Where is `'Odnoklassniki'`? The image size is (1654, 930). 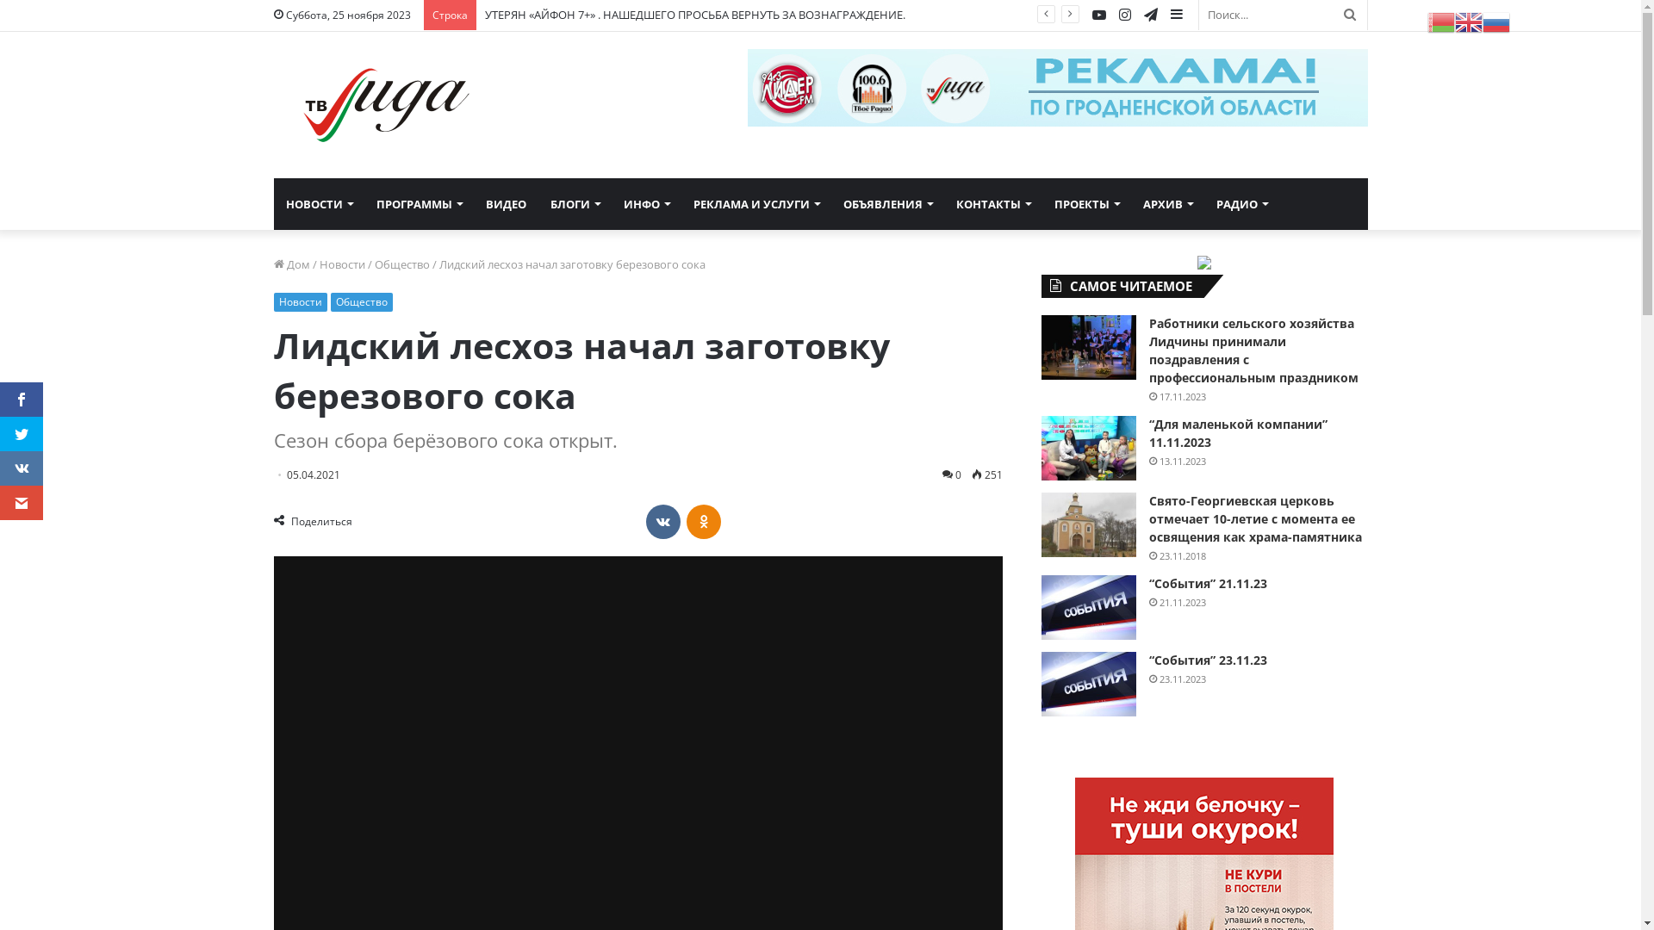 'Odnoklassniki' is located at coordinates (703, 520).